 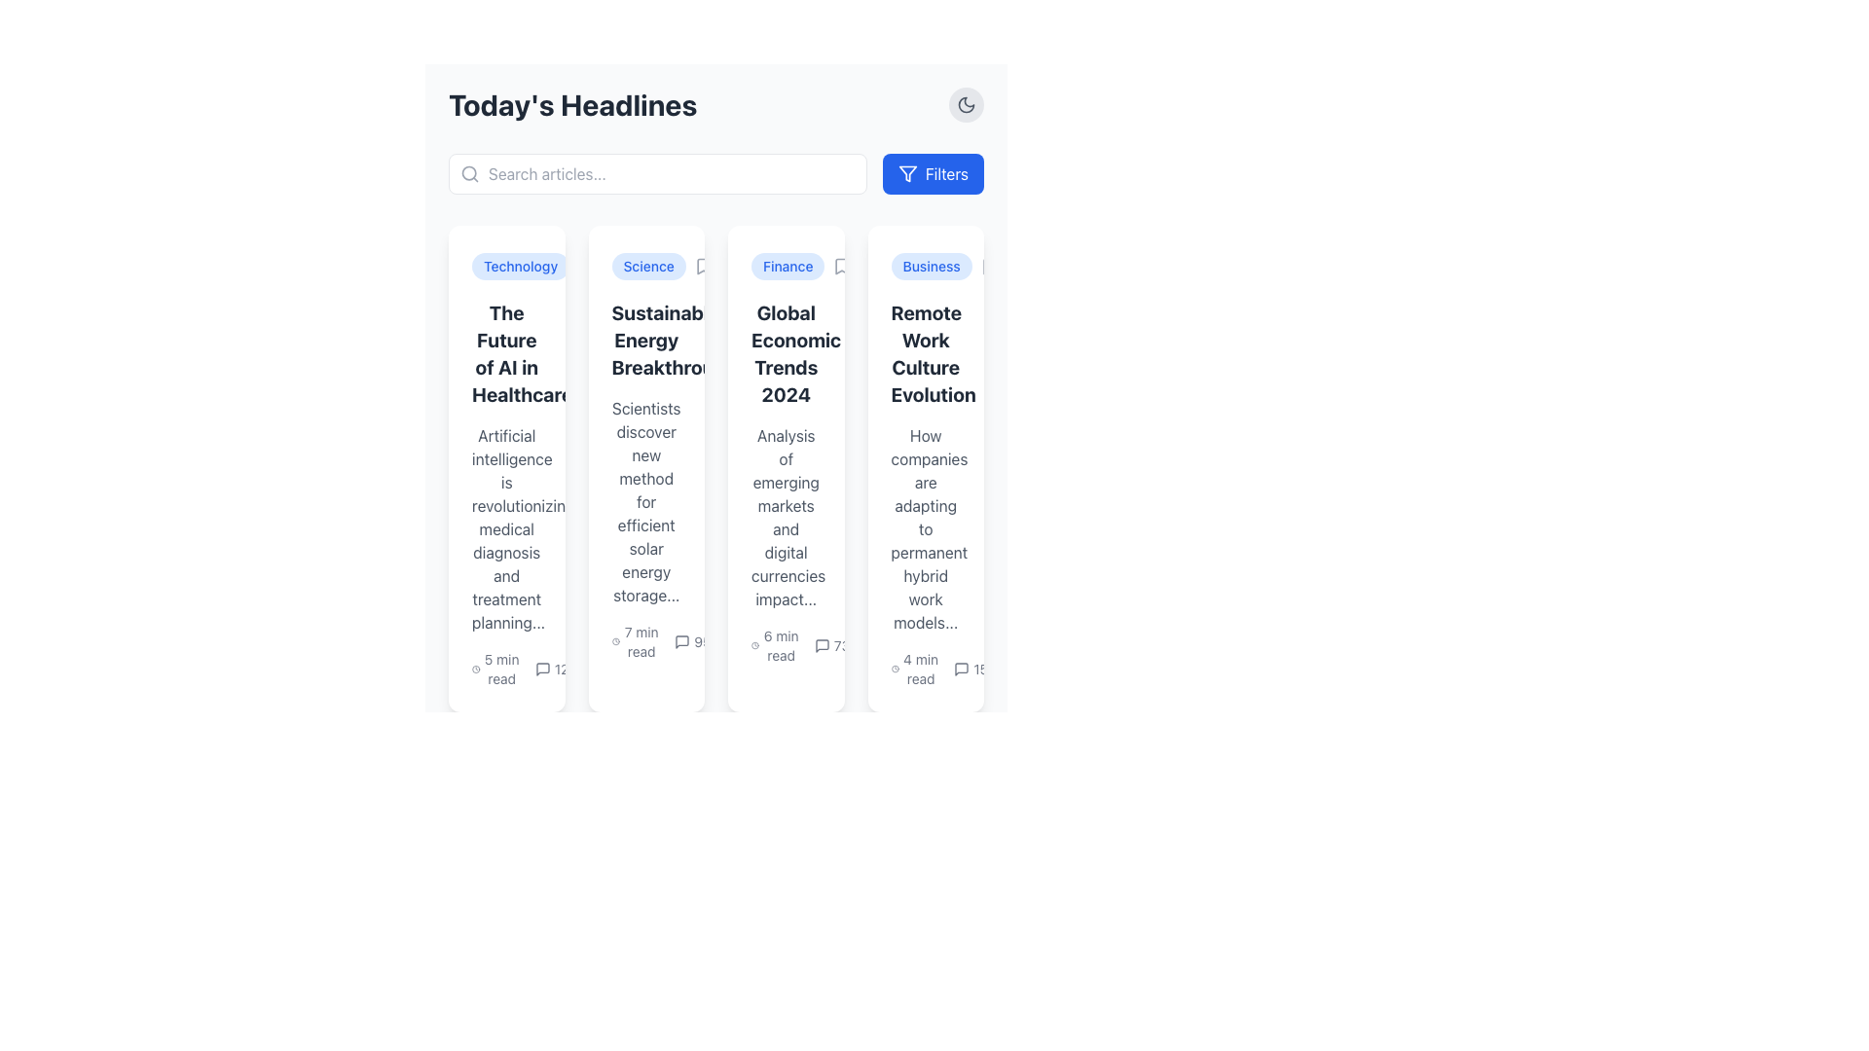 What do you see at coordinates (646, 340) in the screenshot?
I see `the text block displaying 'Sustainable Energy Breakthrough', styled in bold sans-serif font and located below the 'Science' badge` at bounding box center [646, 340].